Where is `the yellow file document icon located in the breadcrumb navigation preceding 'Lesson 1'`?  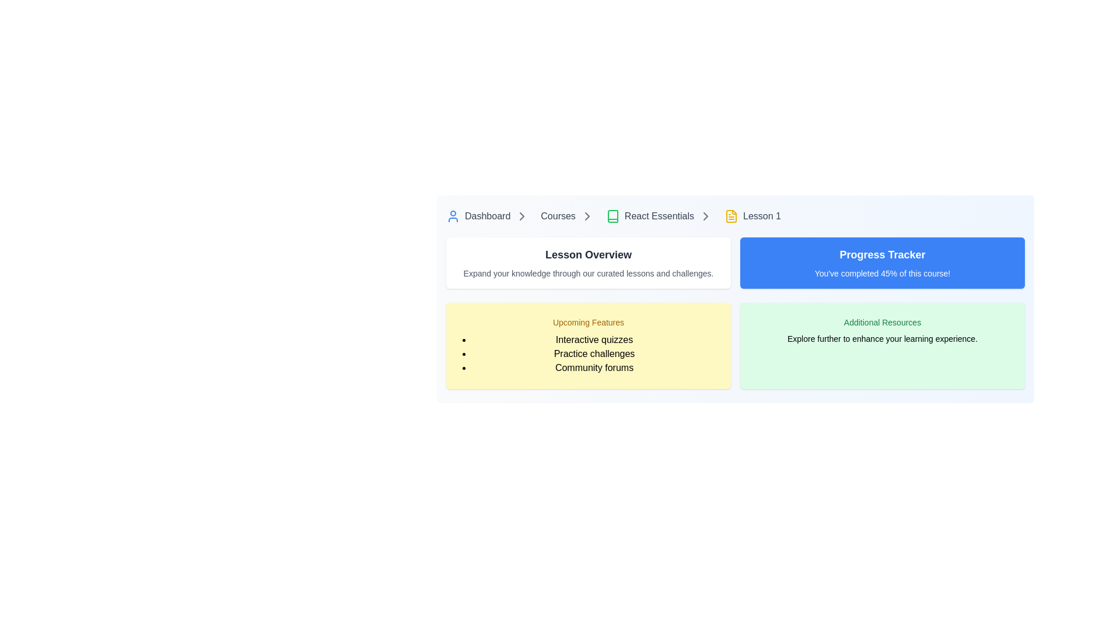
the yellow file document icon located in the breadcrumb navigation preceding 'Lesson 1' is located at coordinates (730, 216).